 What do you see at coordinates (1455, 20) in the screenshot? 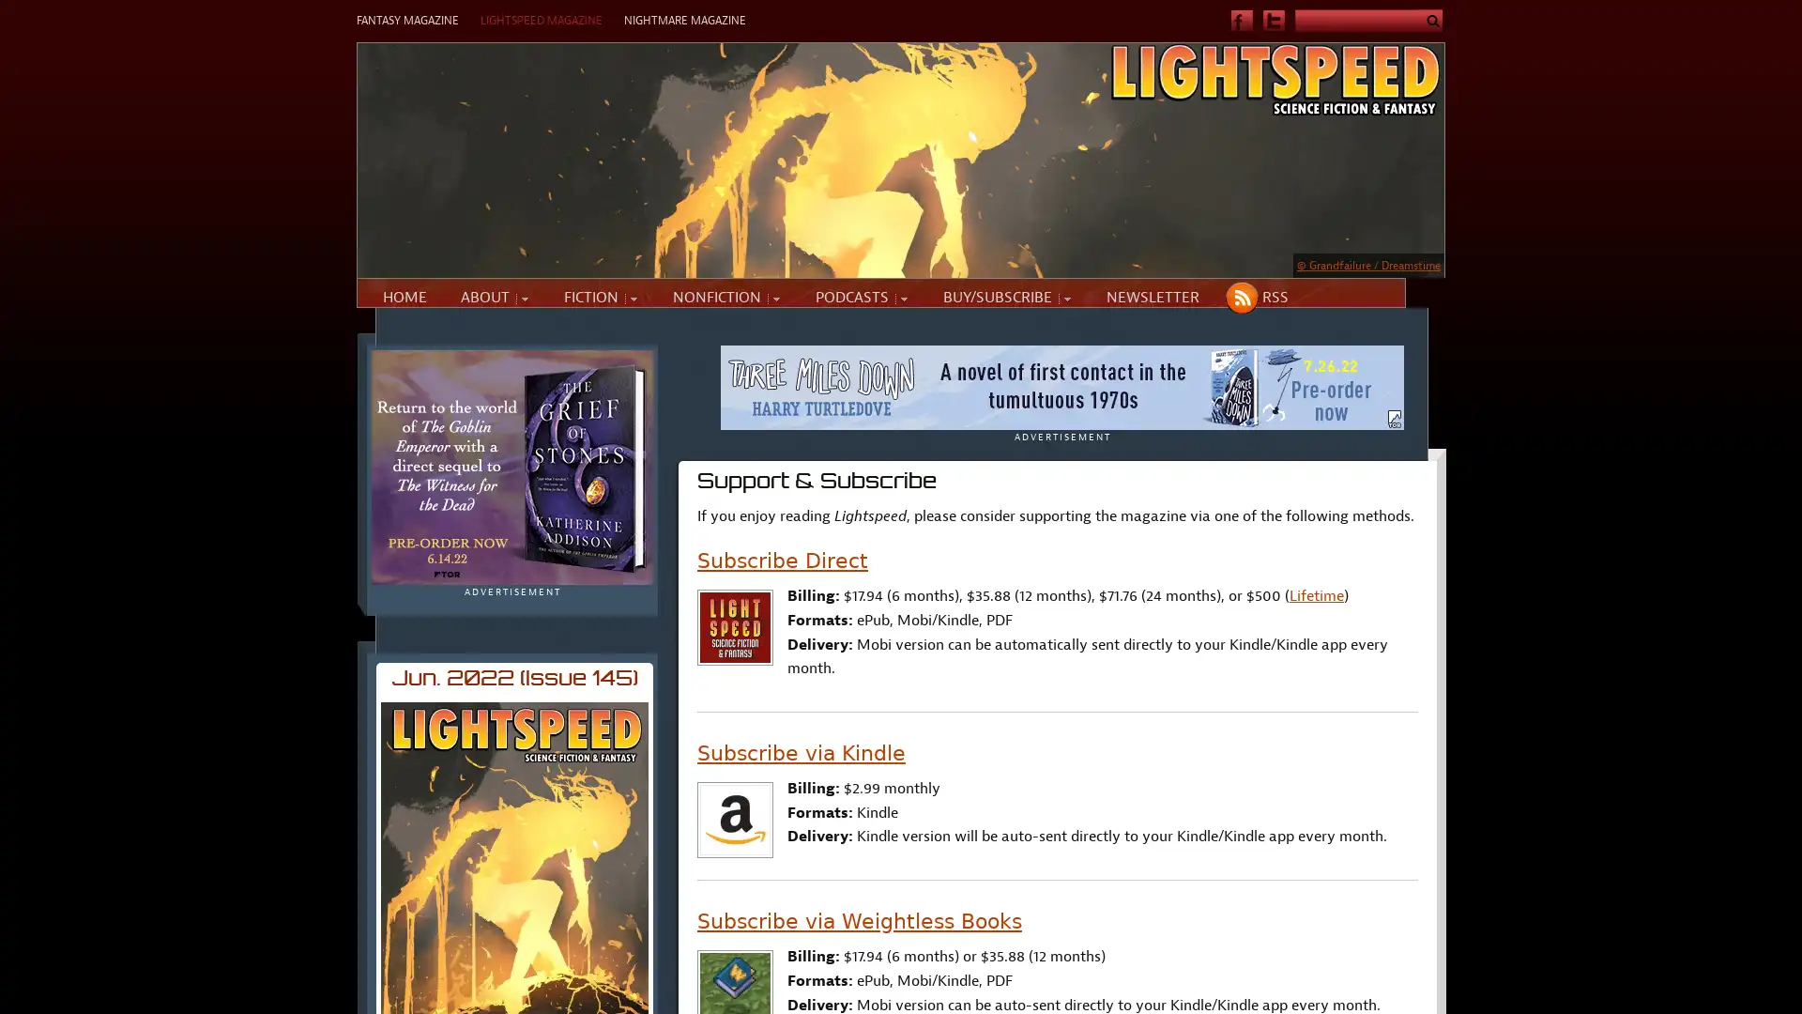
I see `Submit` at bounding box center [1455, 20].